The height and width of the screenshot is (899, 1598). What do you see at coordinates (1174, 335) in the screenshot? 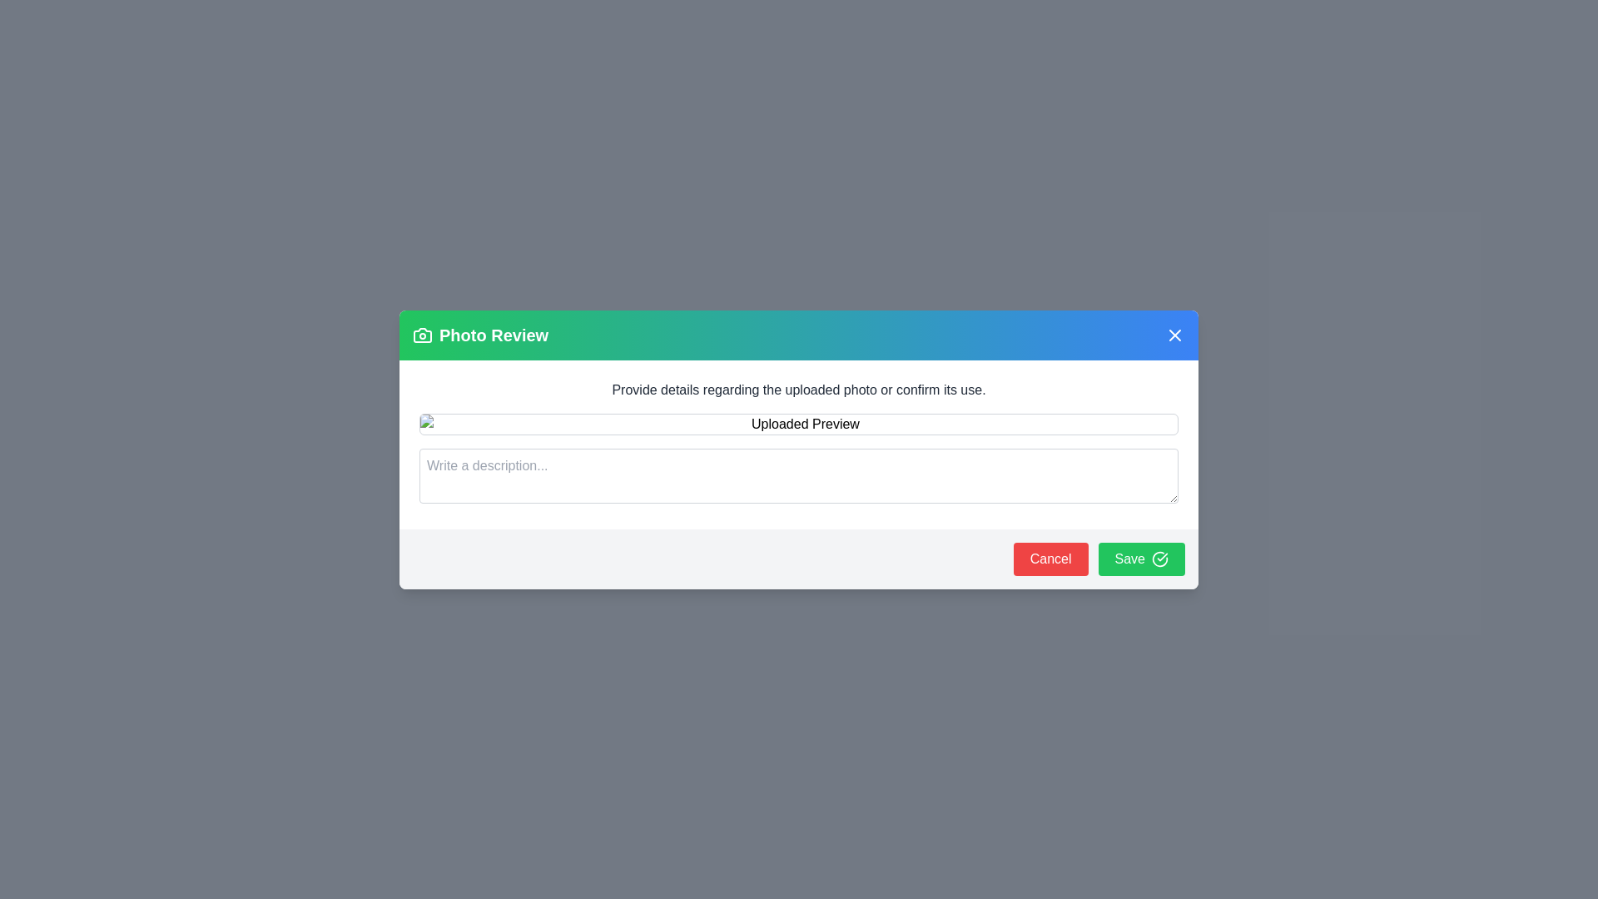
I see `the 'X' button in the top-right corner of the dialog to close it` at bounding box center [1174, 335].